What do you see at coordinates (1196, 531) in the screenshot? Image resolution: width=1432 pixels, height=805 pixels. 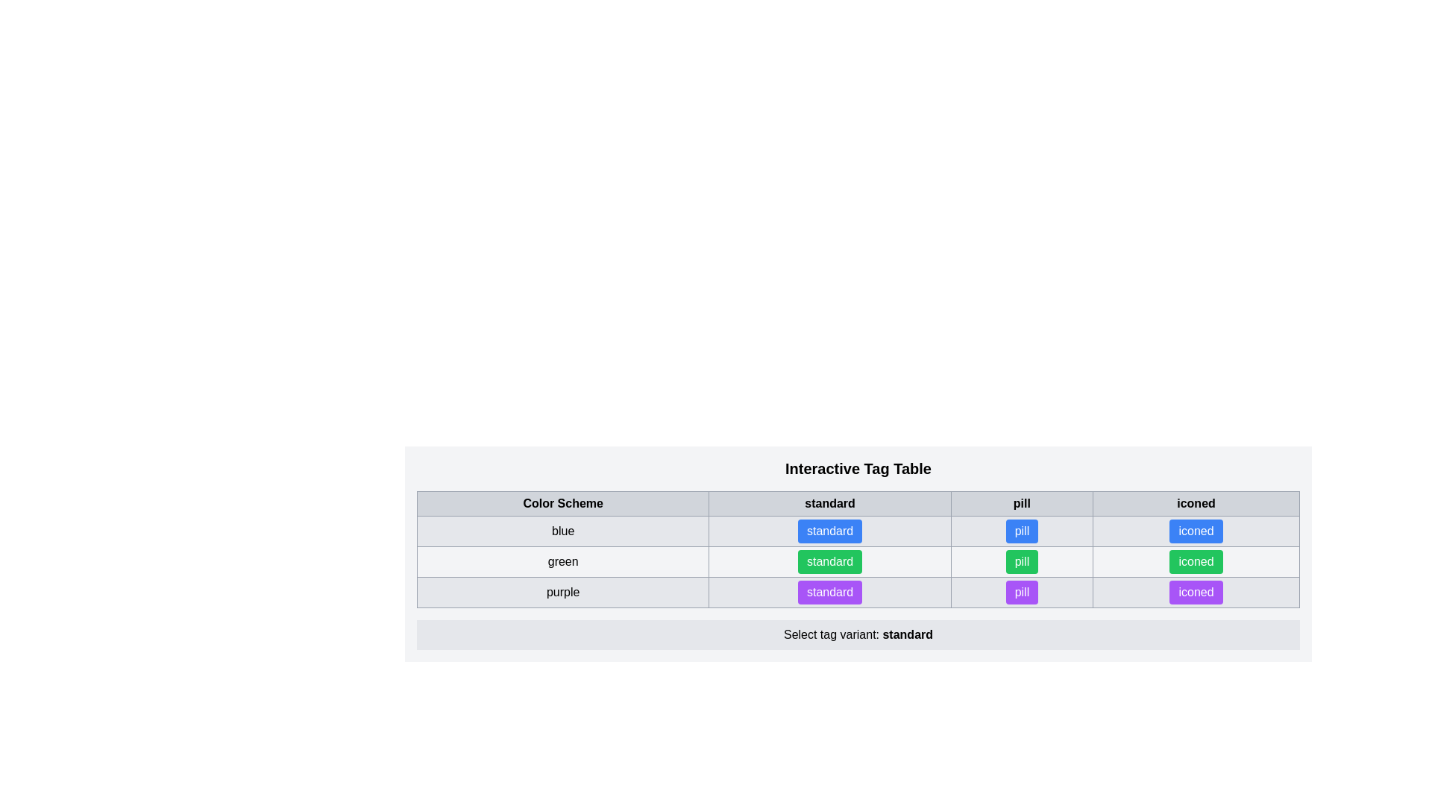 I see `the rectangular button with a blue background and white text that reads 'iconed', located in the third row of a table under the column labeled 'iconed'` at bounding box center [1196, 531].